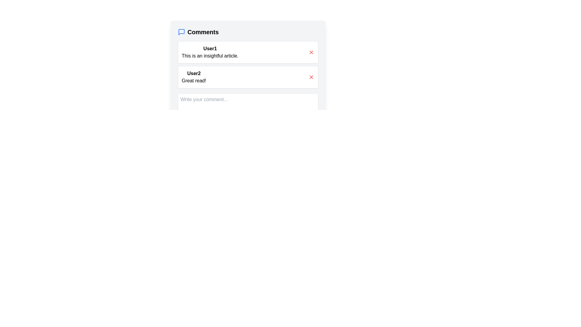 The width and height of the screenshot is (581, 327). What do you see at coordinates (311, 52) in the screenshot?
I see `the red-colored ‘X’ icon button located on the rightmost side of User1's comment box to change its visual style` at bounding box center [311, 52].